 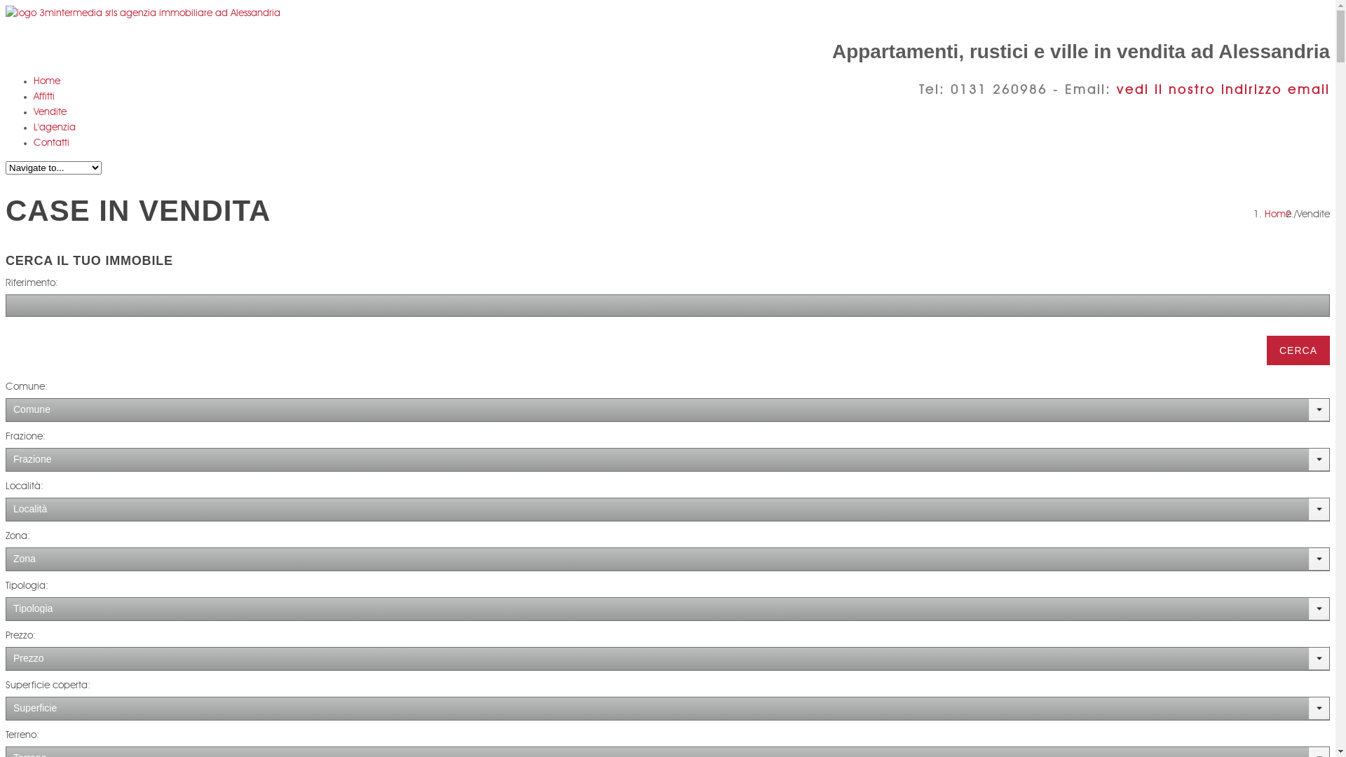 What do you see at coordinates (51, 143) in the screenshot?
I see `'Contatti'` at bounding box center [51, 143].